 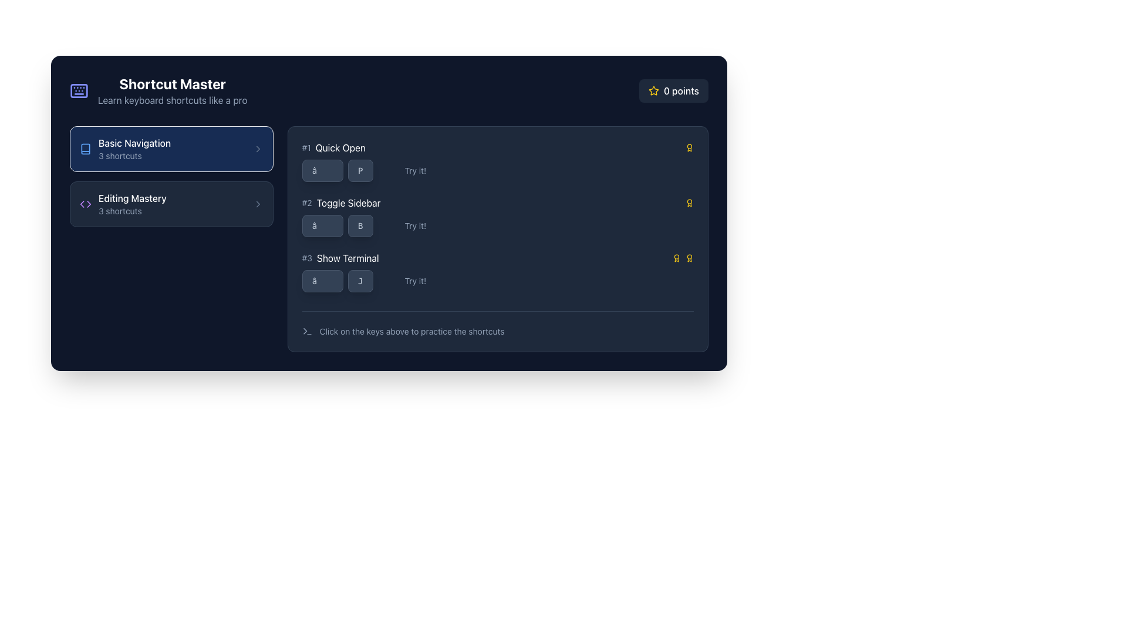 I want to click on the static text label that represents the 'Quick Open' functionality entry, located in the upper-right card component, near the top-left corner of this card, so click(x=306, y=147).